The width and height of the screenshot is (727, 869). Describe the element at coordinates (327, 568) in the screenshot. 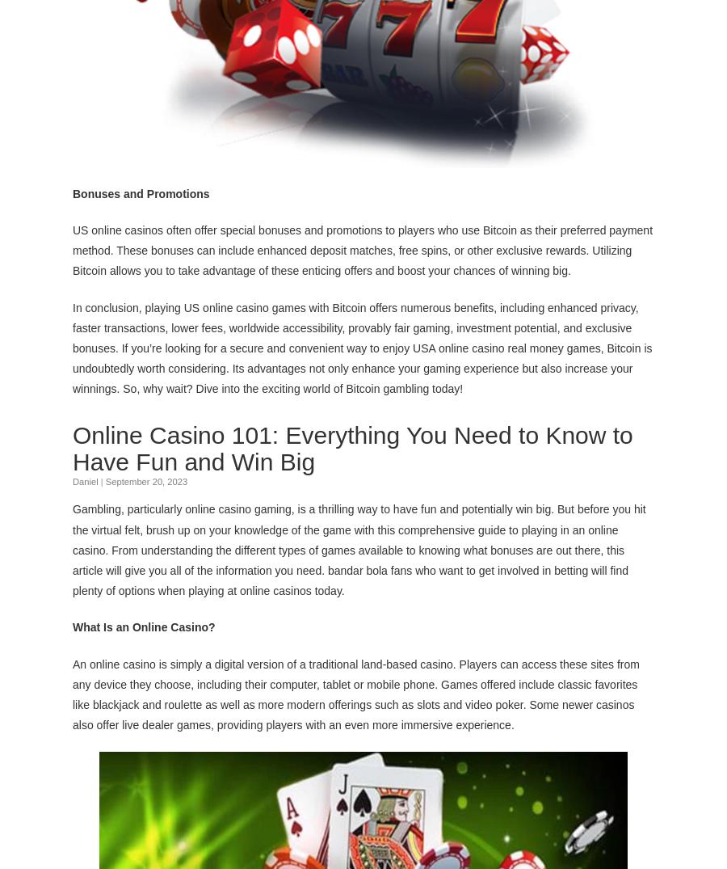

I see `'bandar bola'` at that location.